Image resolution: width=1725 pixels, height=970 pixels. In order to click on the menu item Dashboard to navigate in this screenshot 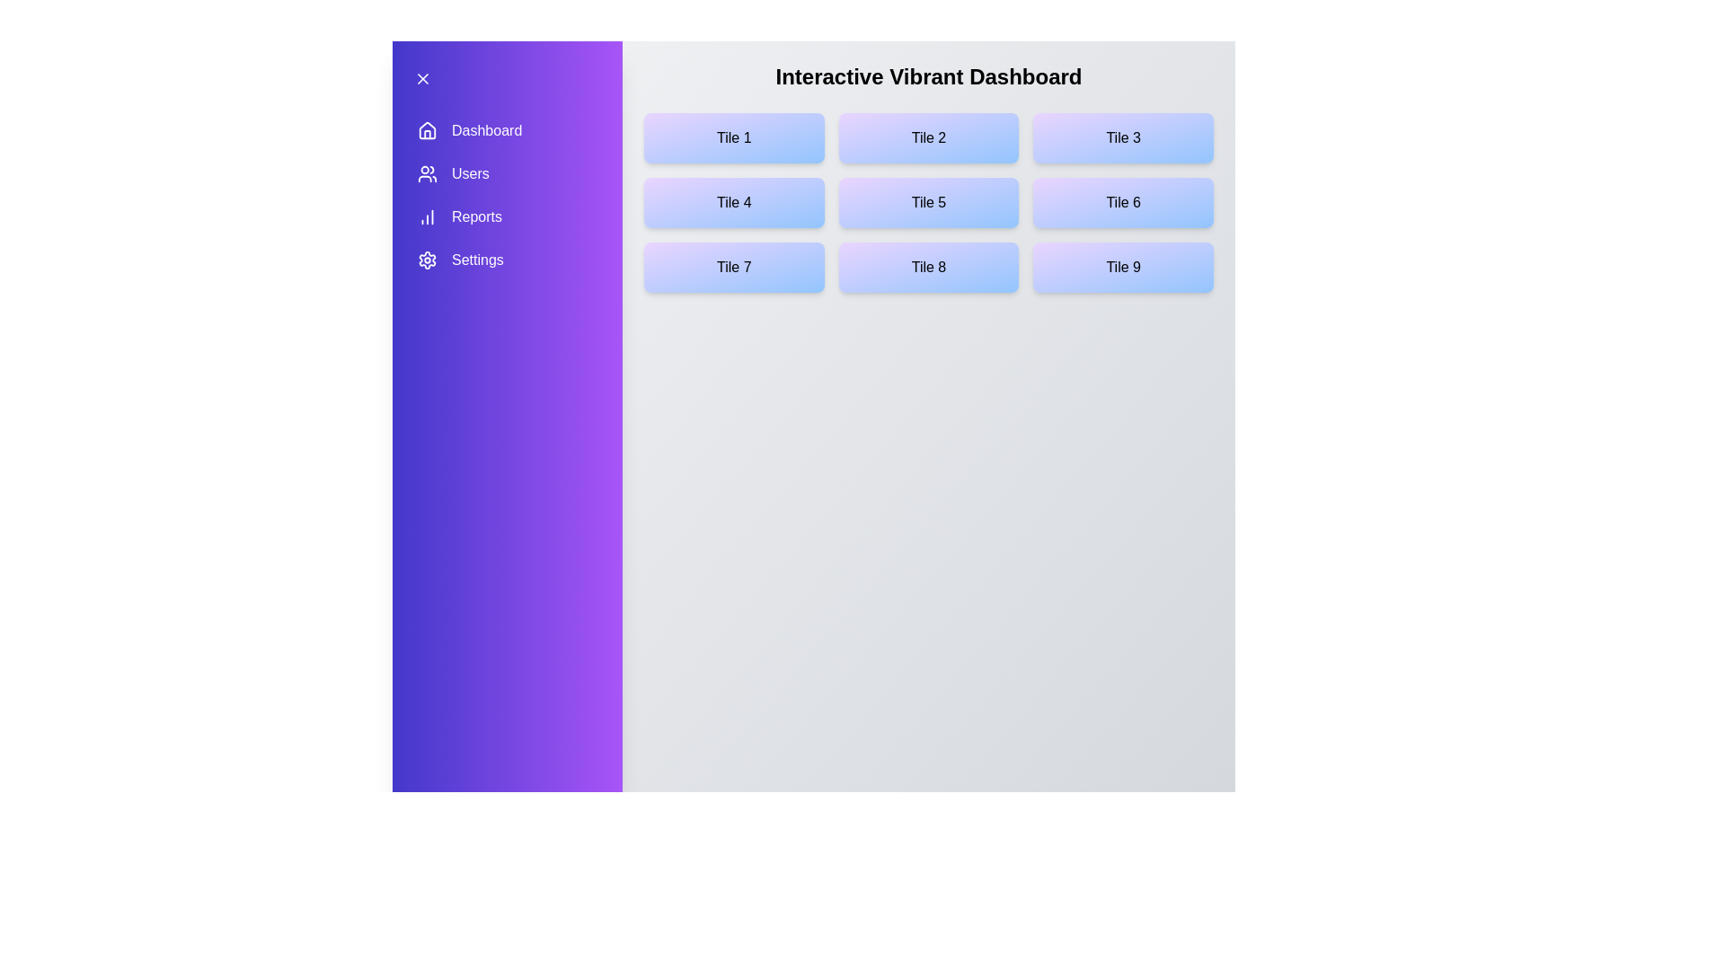, I will do `click(507, 130)`.